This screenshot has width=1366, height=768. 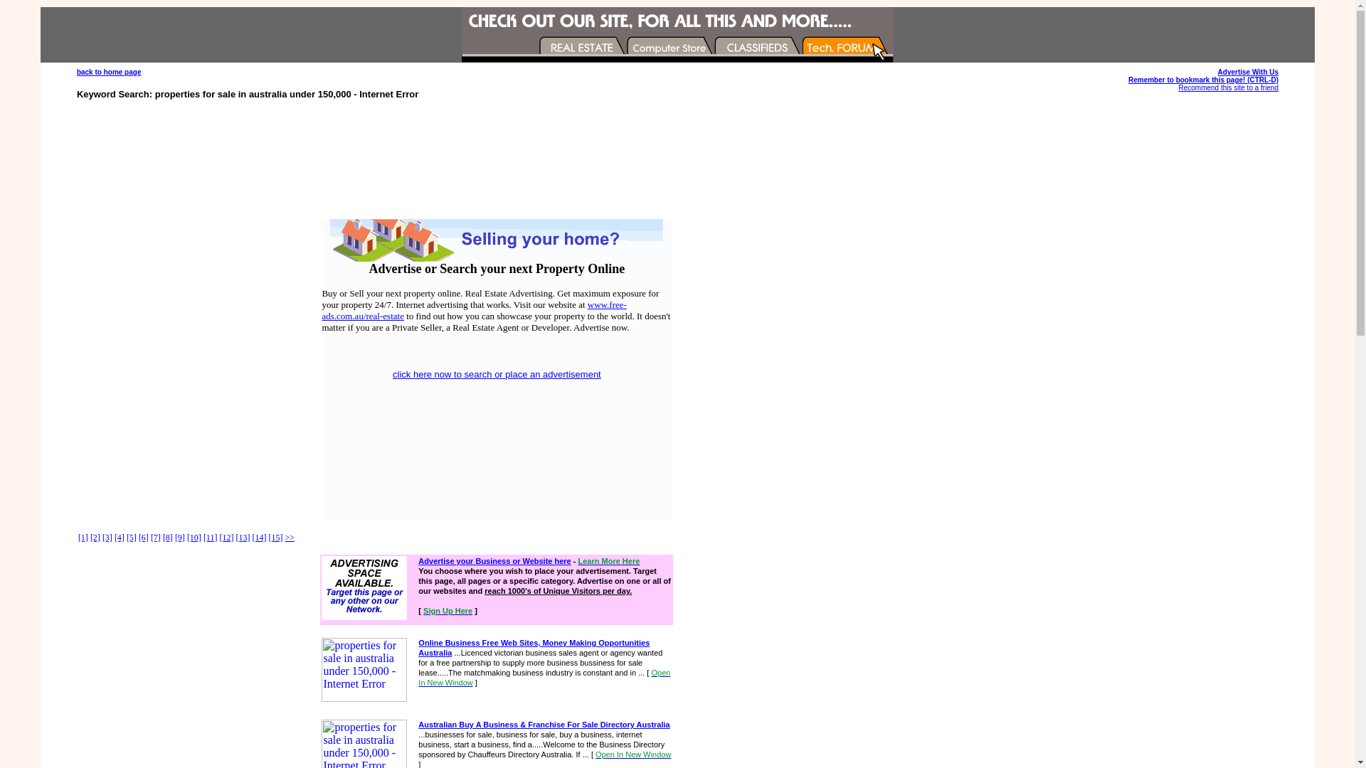 I want to click on '[9]', so click(x=179, y=538).